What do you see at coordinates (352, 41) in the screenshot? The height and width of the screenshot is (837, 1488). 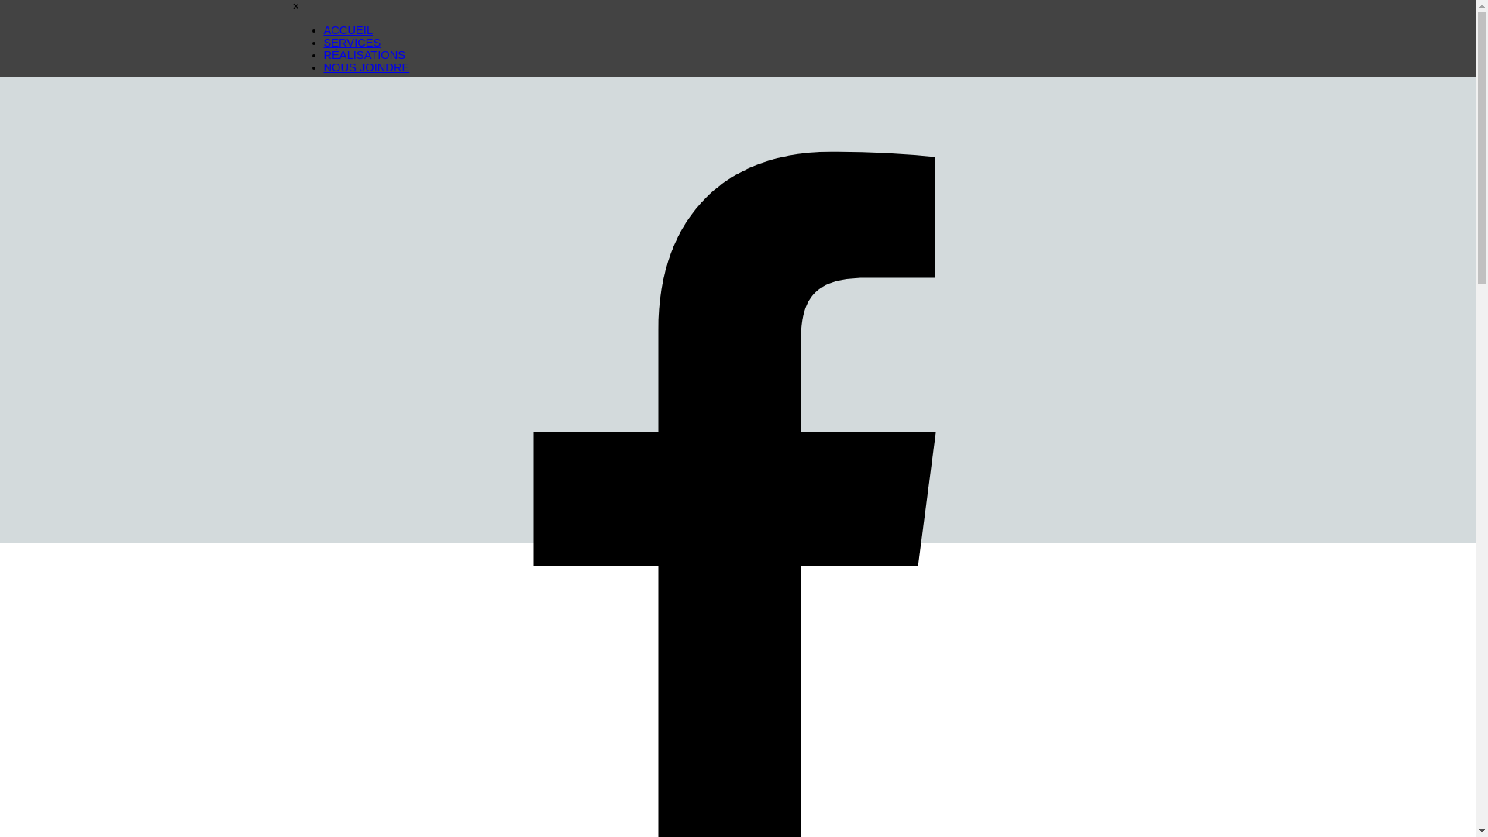 I see `'SERVICES'` at bounding box center [352, 41].